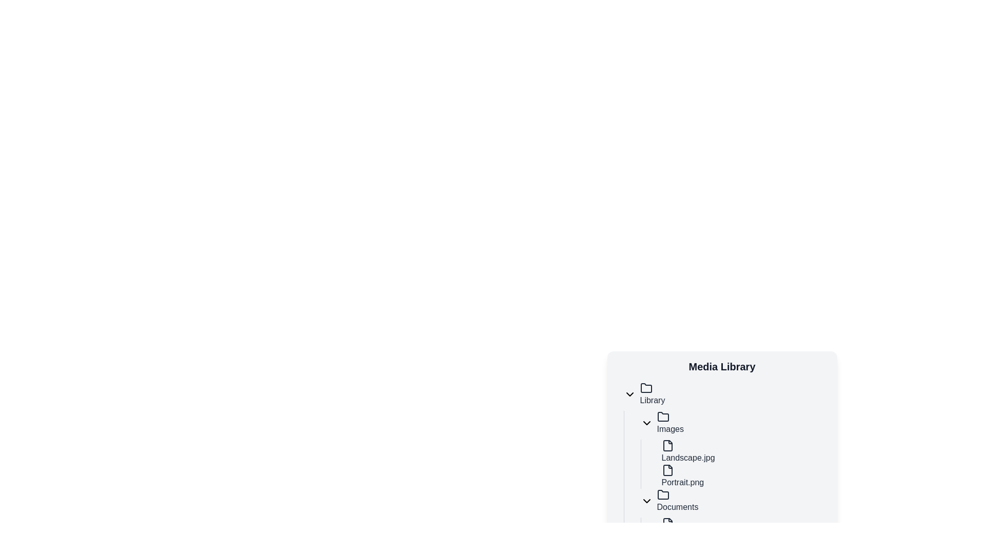 Image resolution: width=985 pixels, height=554 pixels. What do you see at coordinates (688, 451) in the screenshot?
I see `the text label indicating the name of the file located to the right of the file icon in the 'Images' folder of the 'Media Library'` at bounding box center [688, 451].